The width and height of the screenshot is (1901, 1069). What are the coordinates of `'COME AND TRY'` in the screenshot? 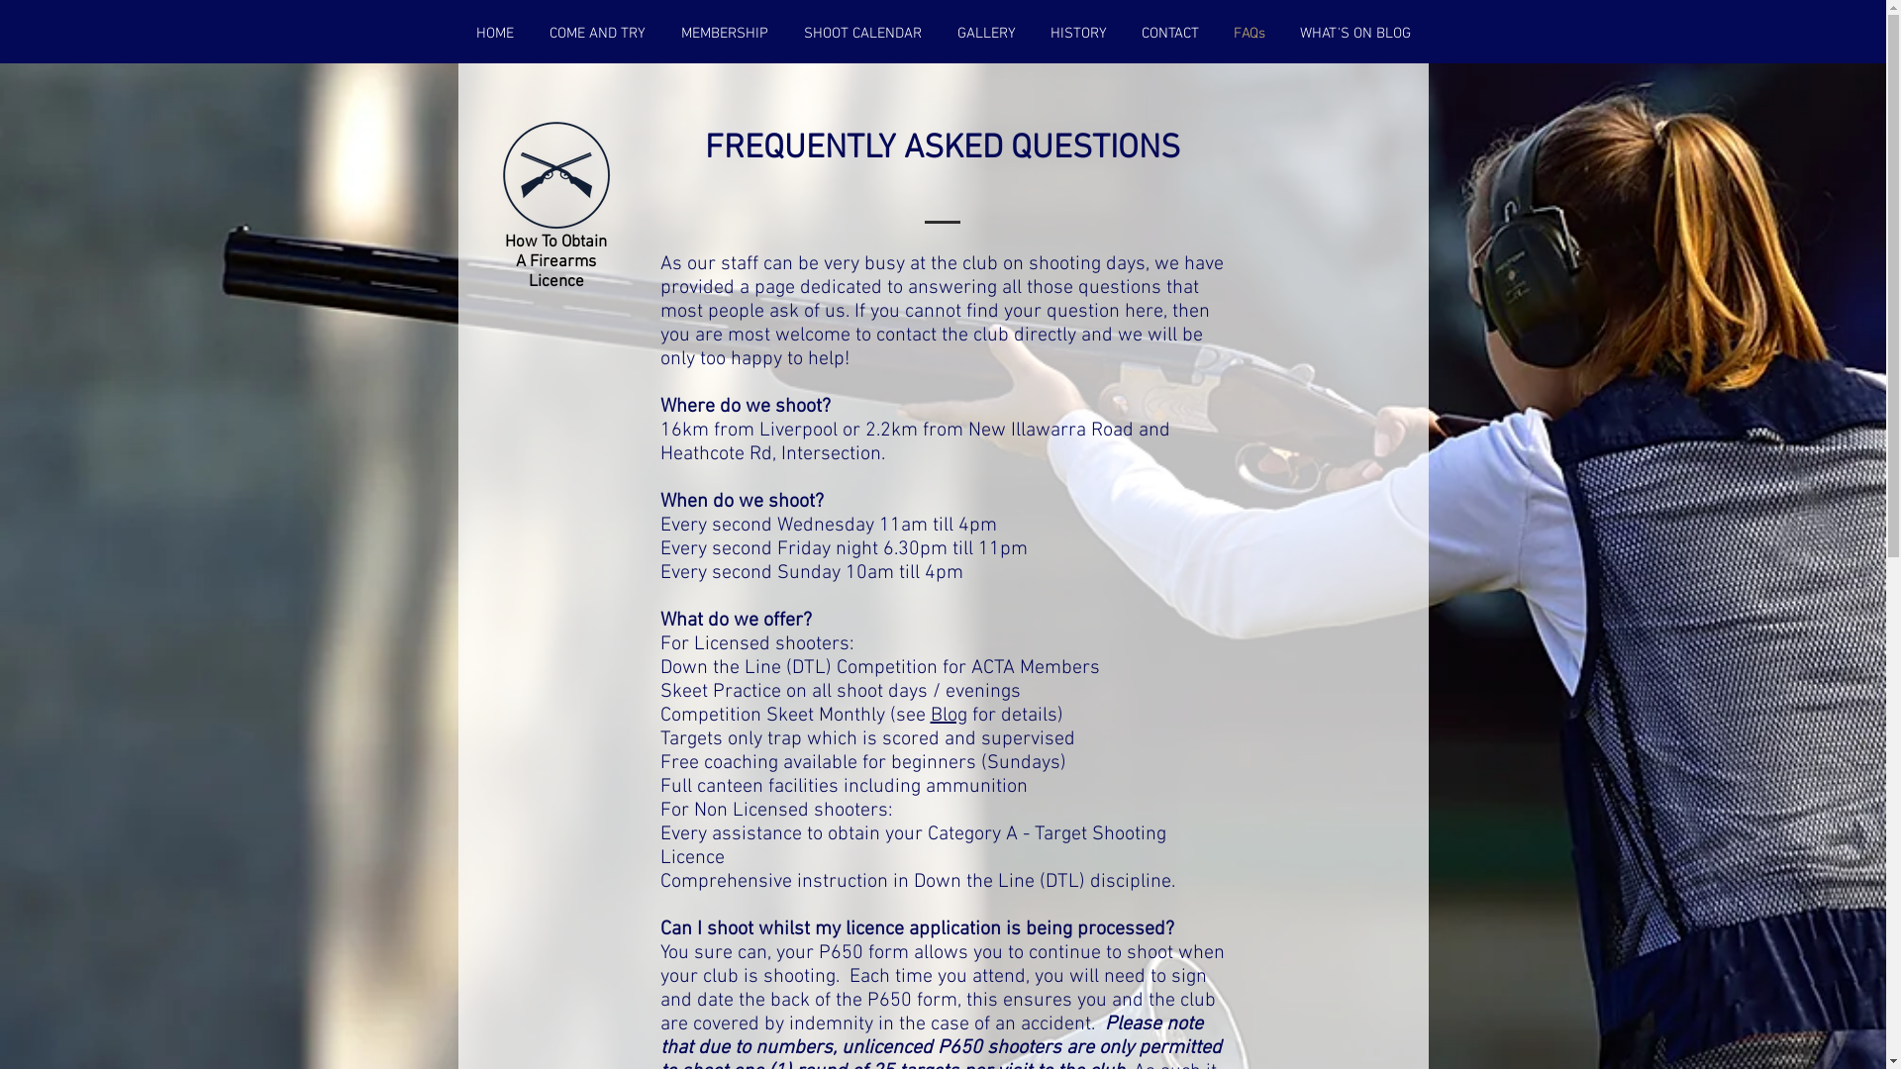 It's located at (595, 34).